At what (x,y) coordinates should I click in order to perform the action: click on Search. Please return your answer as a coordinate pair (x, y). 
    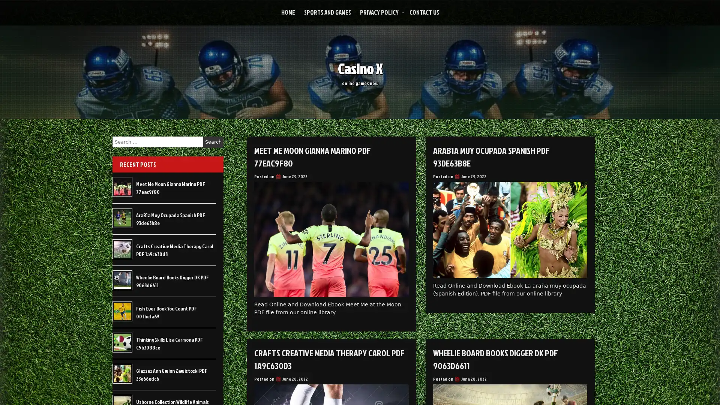
    Looking at the image, I should click on (213, 142).